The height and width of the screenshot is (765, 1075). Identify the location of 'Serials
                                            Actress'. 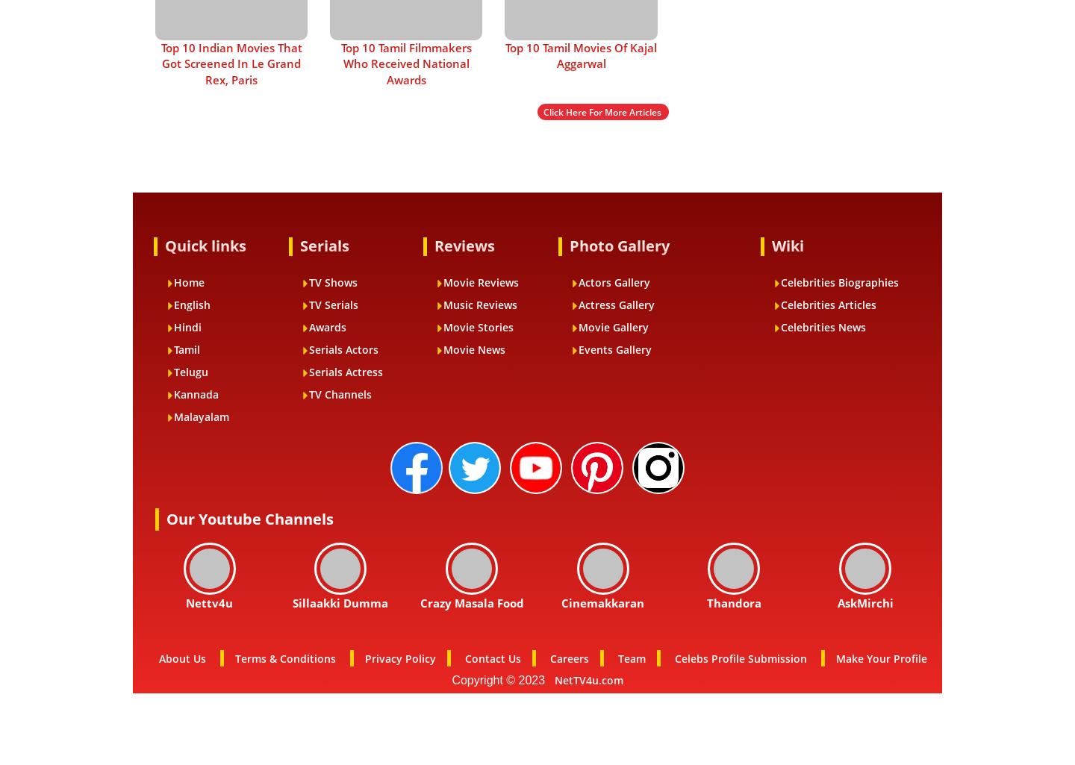
(345, 371).